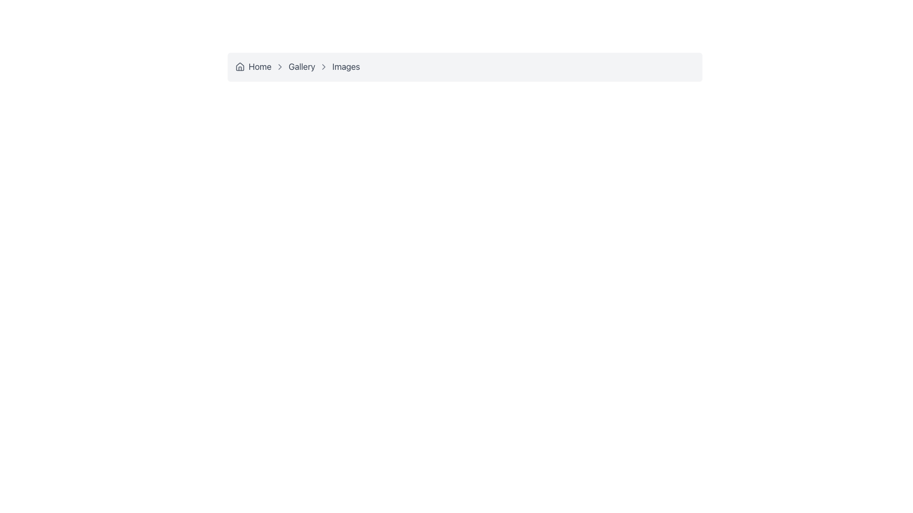 This screenshot has height=513, width=913. What do you see at coordinates (301, 66) in the screenshot?
I see `the 'Gallery' link in the breadcrumb navigation bar, which is positioned between 'Home' and 'Images'` at bounding box center [301, 66].